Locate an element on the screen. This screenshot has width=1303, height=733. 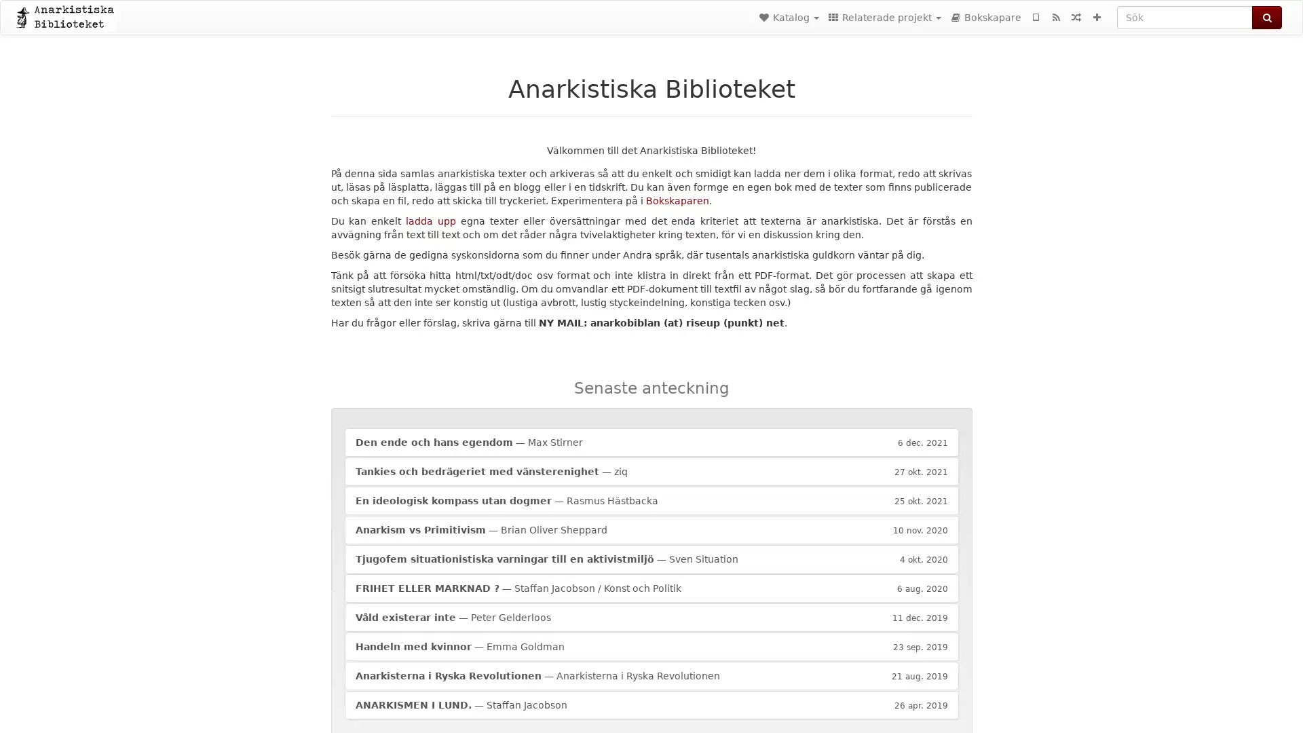
Sok is located at coordinates (1266, 18).